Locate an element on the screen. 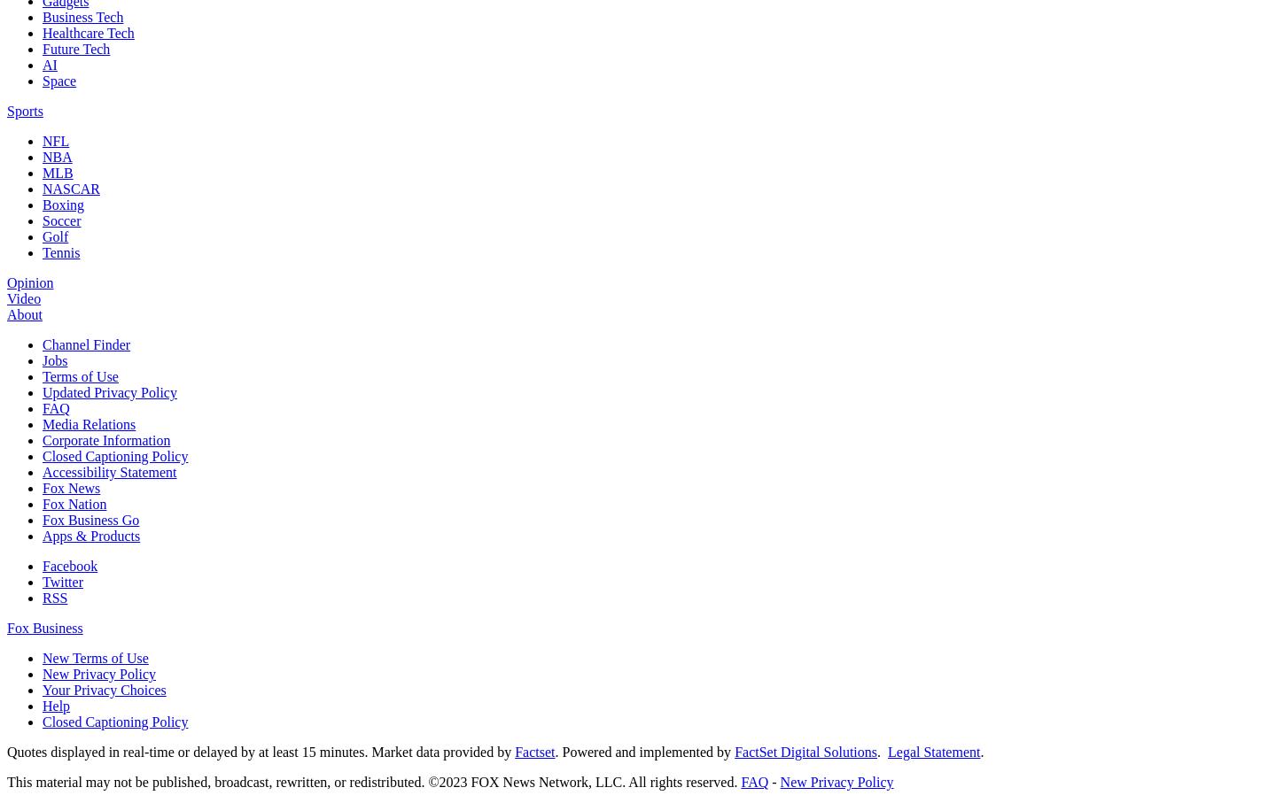  'Jobs' is located at coordinates (55, 359).